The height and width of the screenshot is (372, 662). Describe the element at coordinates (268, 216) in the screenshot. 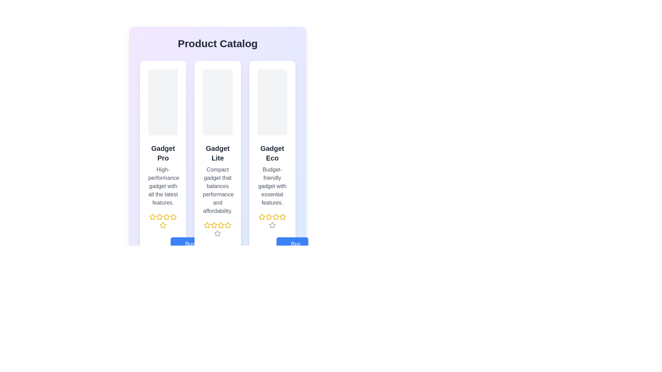

I see `the third star in the star rating component for the 'Gadget Eco' product` at that location.